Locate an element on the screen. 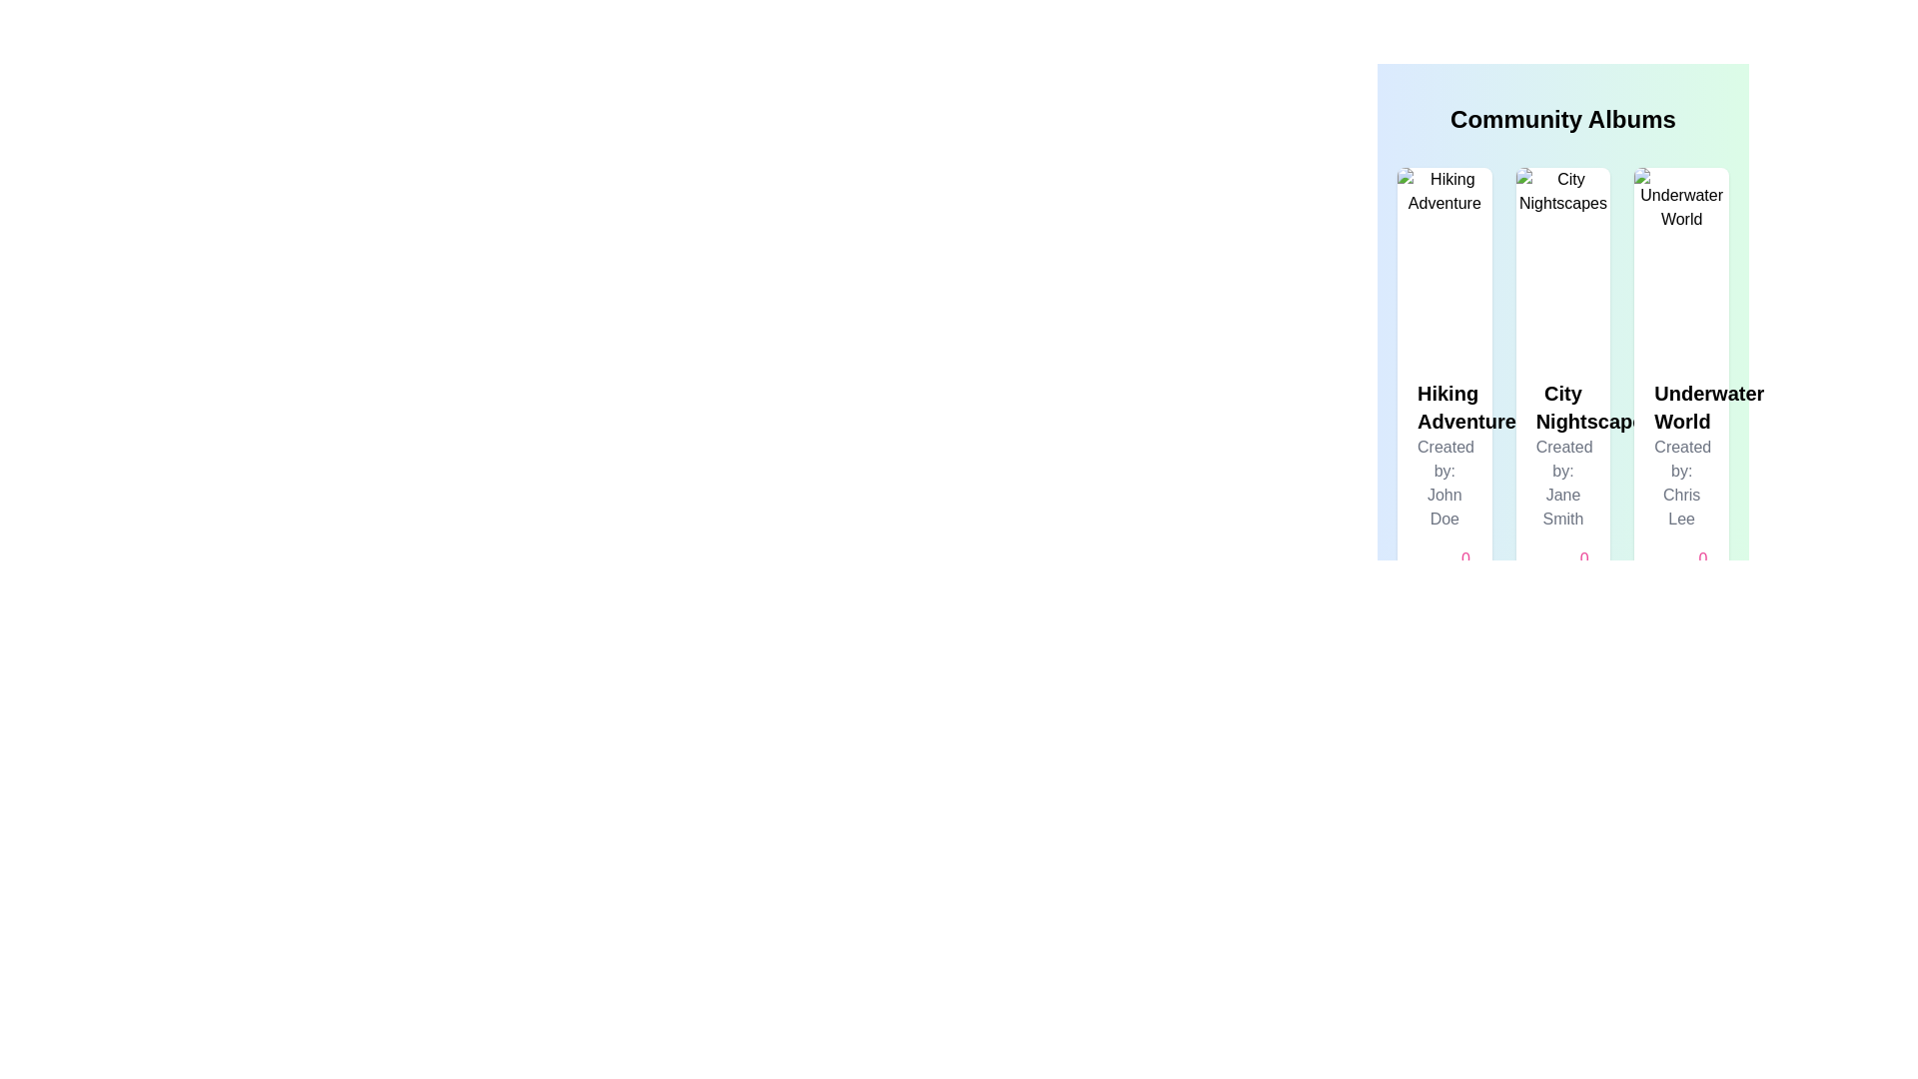 The height and width of the screenshot is (1079, 1918). text displayed in the text block located centrally in the second column under the header 'Community Albums', positioned below an image and above likes and comments is located at coordinates (1561, 488).